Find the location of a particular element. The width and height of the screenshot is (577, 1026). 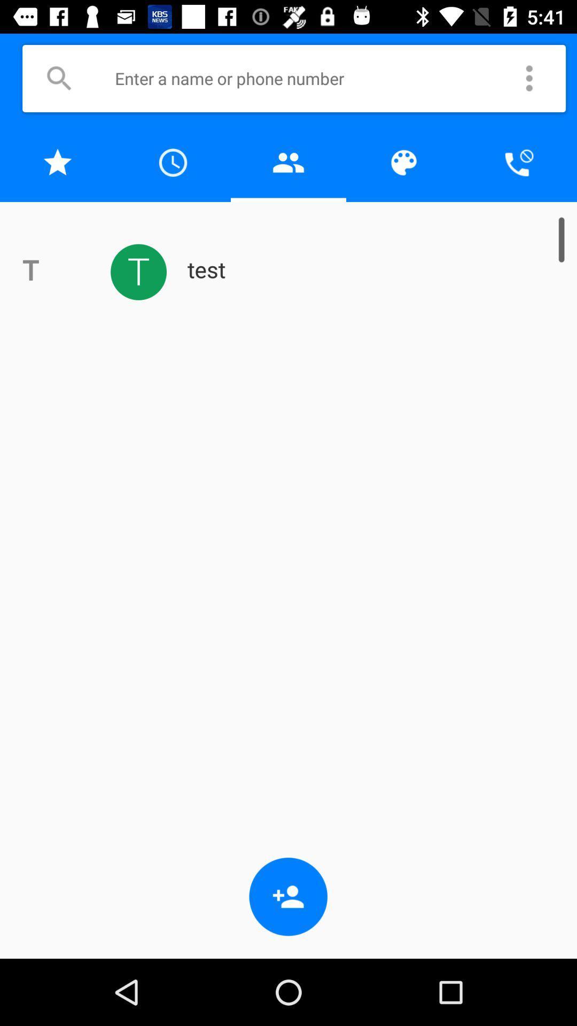

contact is located at coordinates (288, 162).